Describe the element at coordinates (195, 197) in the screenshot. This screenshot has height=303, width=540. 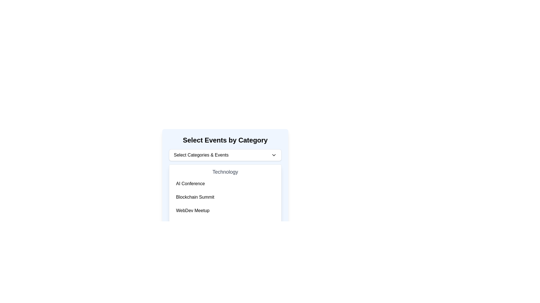
I see `the 'Blockchain Summit' label, which is the second item in the 'Technology' section of the event categories list` at that location.